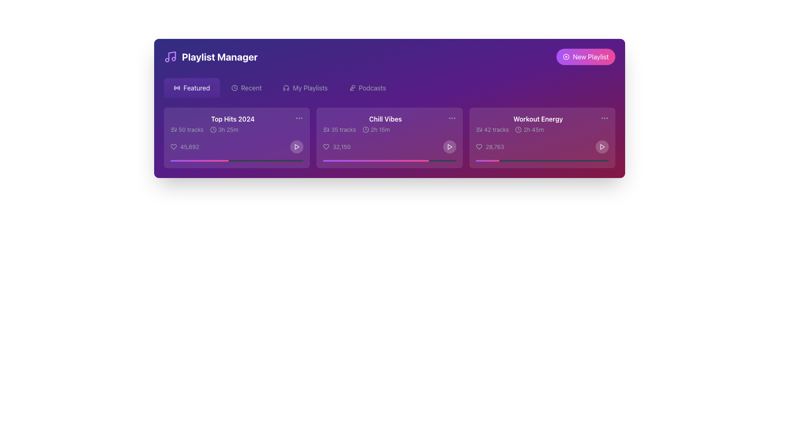 This screenshot has width=785, height=442. Describe the element at coordinates (213, 129) in the screenshot. I see `the clock icon representing the duration of the playlist in the 'Top Hits 2024' card within the 'Featured' section` at that location.